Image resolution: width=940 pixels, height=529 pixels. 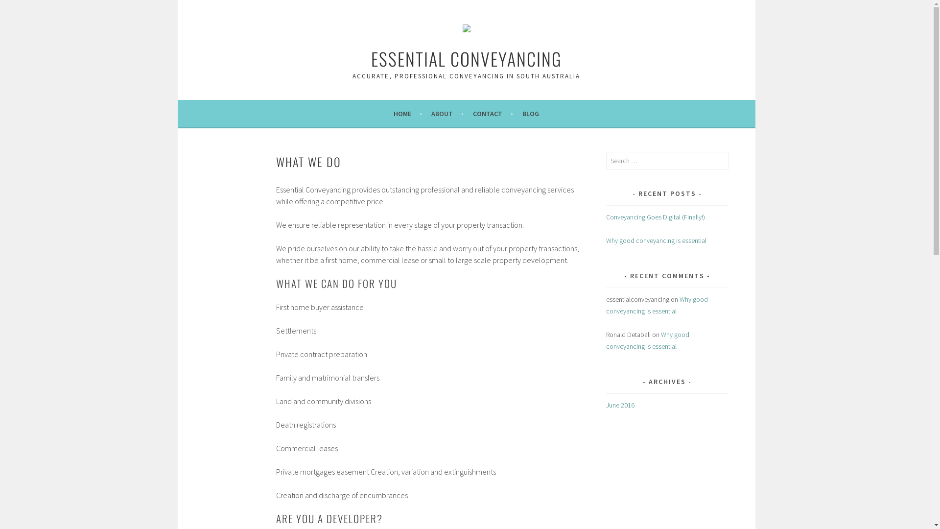 I want to click on 'Why good conveyancing is essential  ', so click(x=606, y=339).